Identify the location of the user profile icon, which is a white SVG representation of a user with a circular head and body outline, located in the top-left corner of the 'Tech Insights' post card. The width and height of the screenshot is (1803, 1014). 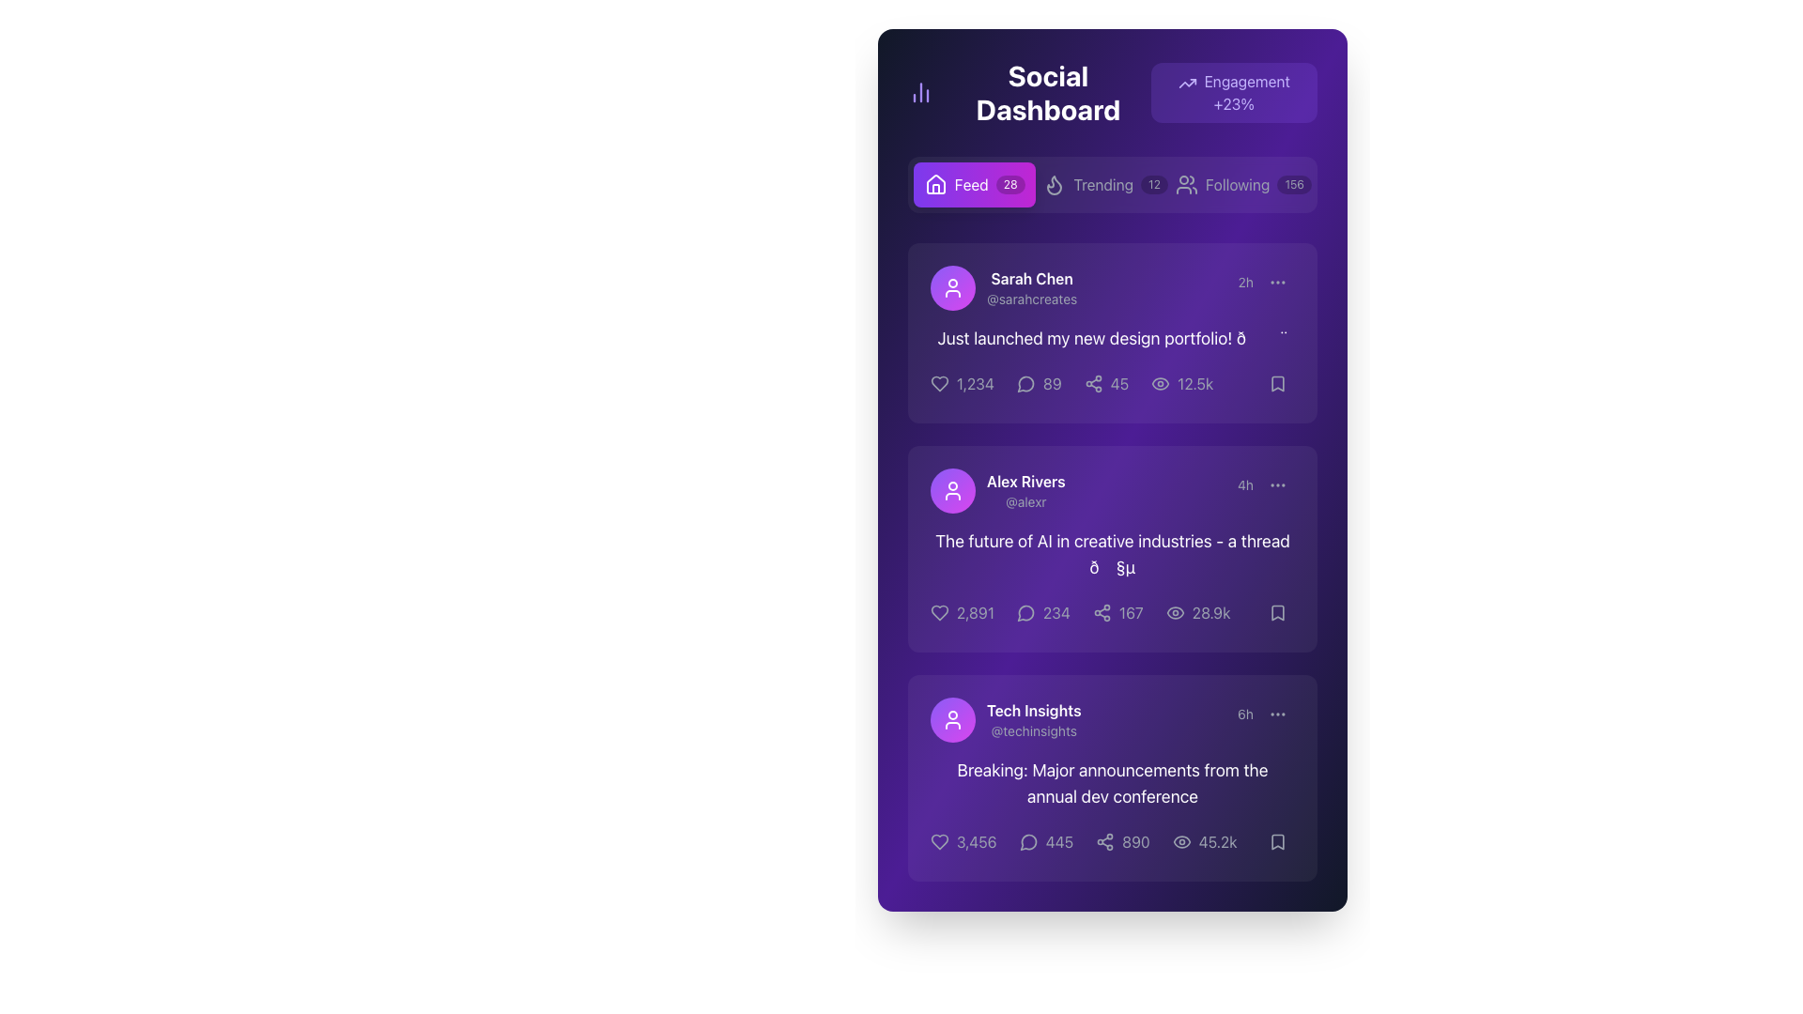
(952, 719).